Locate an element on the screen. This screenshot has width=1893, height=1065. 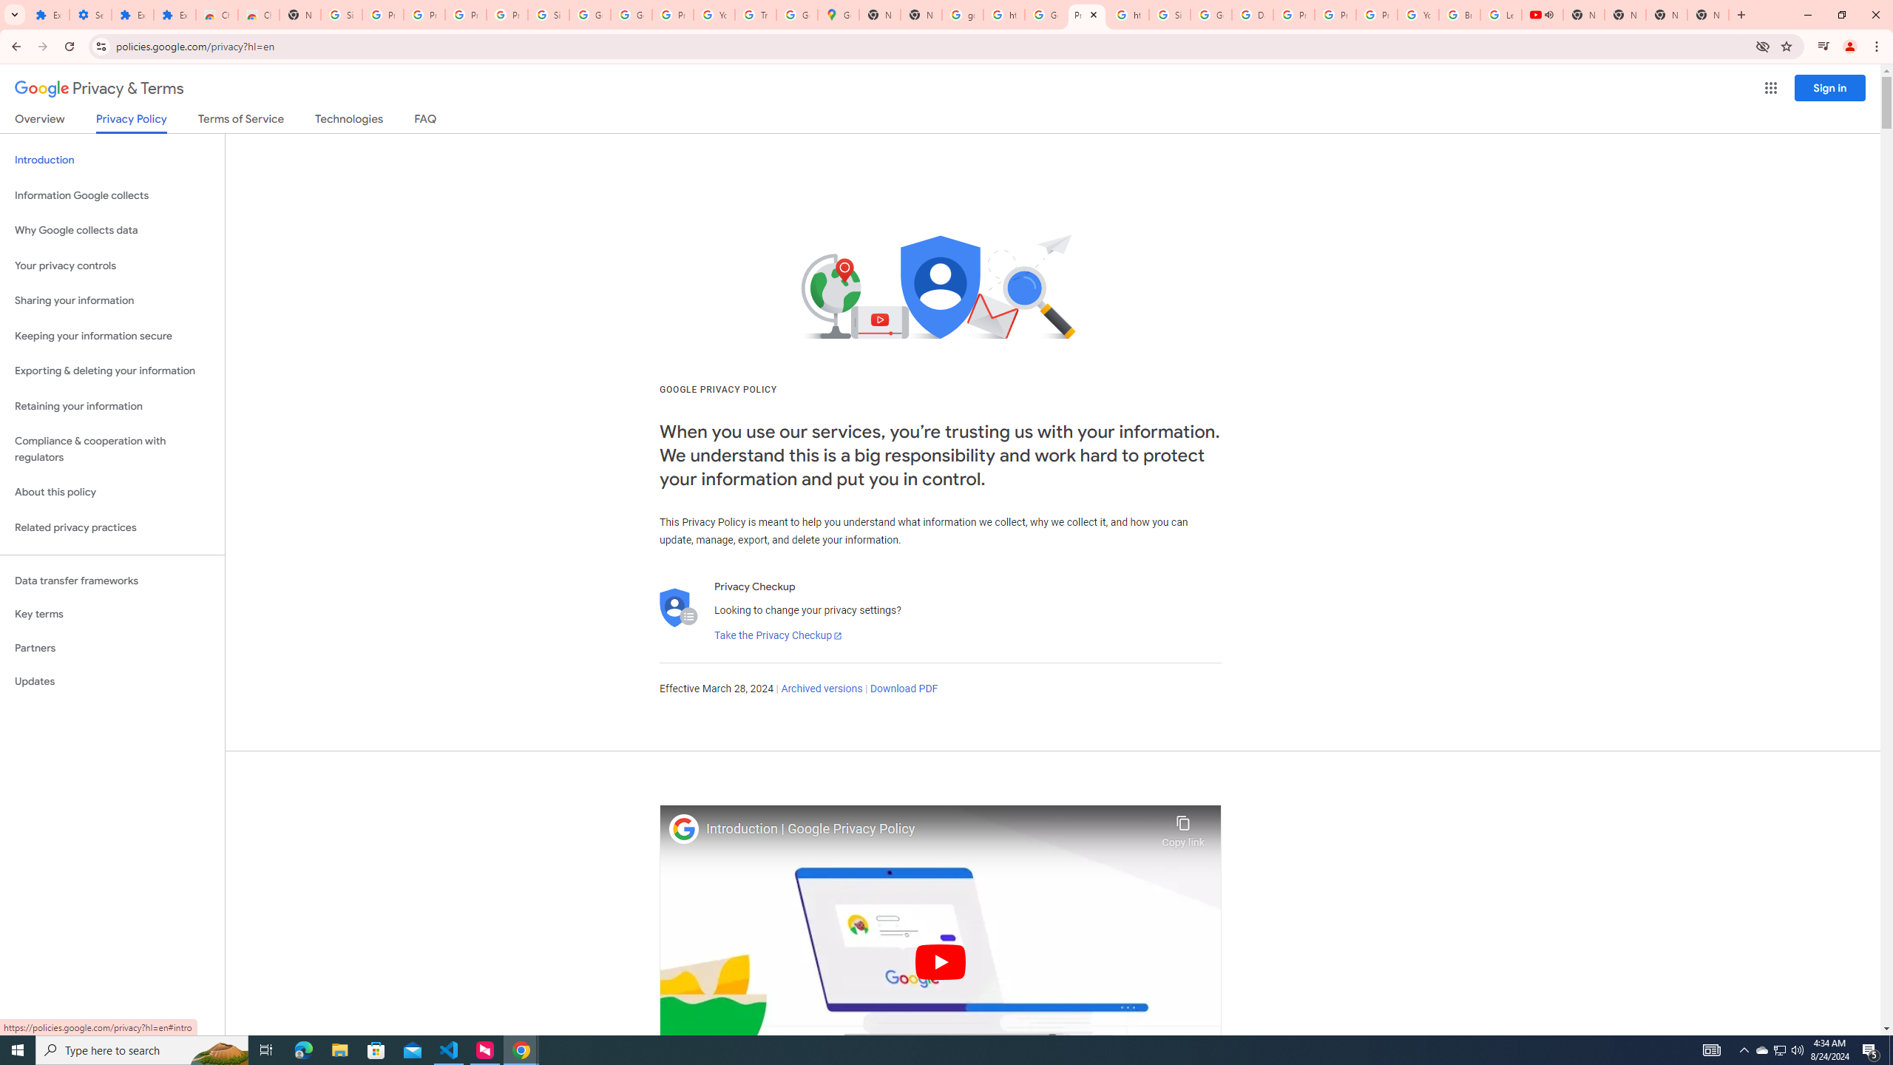
'Take the Privacy Checkup' is located at coordinates (777, 635).